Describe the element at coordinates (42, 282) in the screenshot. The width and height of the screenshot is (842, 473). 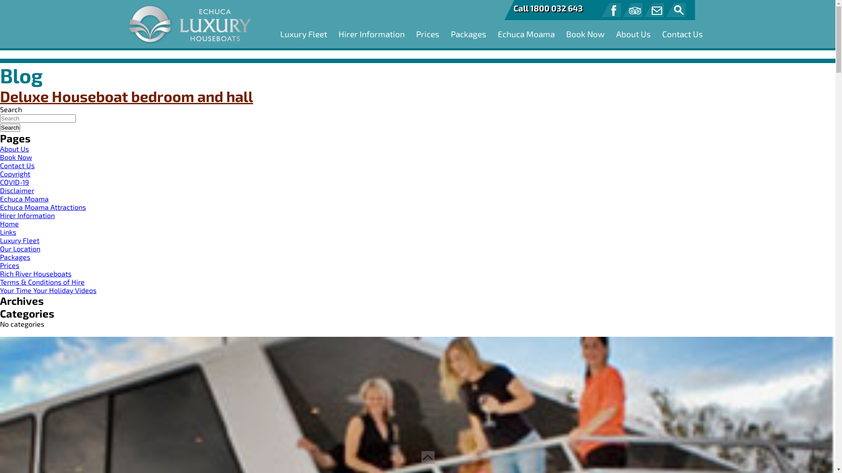
I see `'Terms & Conditions of Hire'` at that location.